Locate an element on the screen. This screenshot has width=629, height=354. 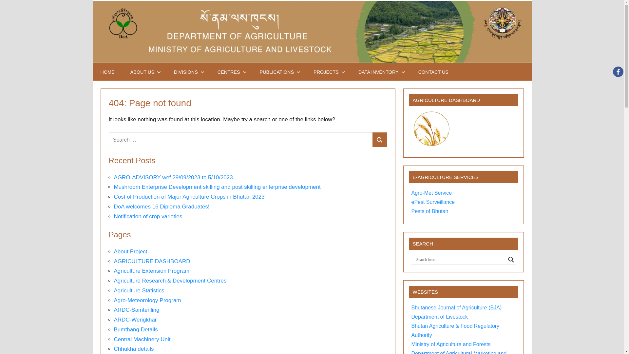
'ARDC-Wengkhar' is located at coordinates (135, 319).